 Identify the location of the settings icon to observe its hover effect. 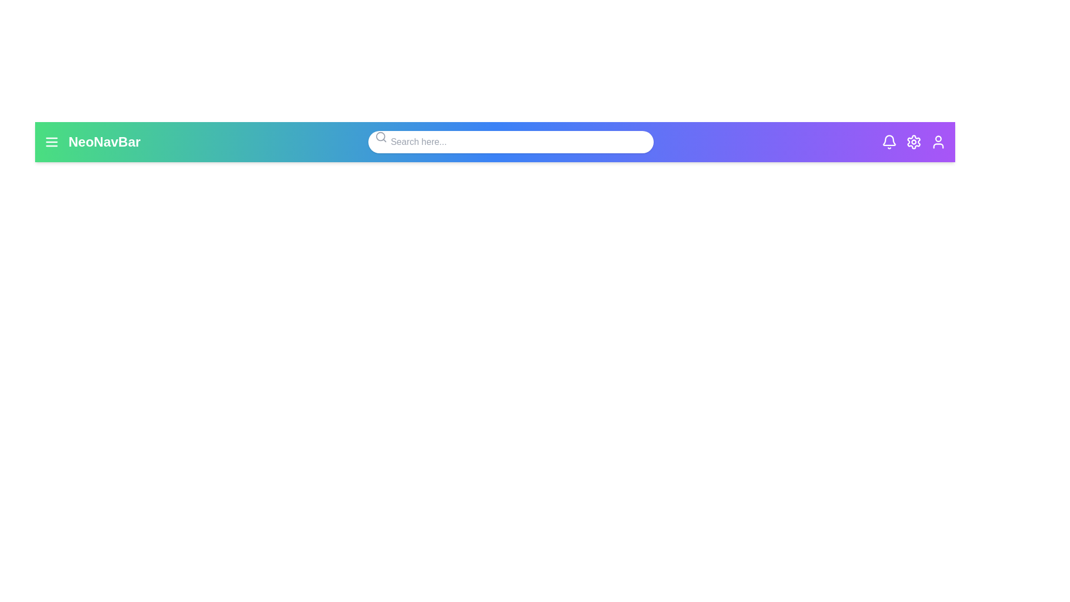
(914, 141).